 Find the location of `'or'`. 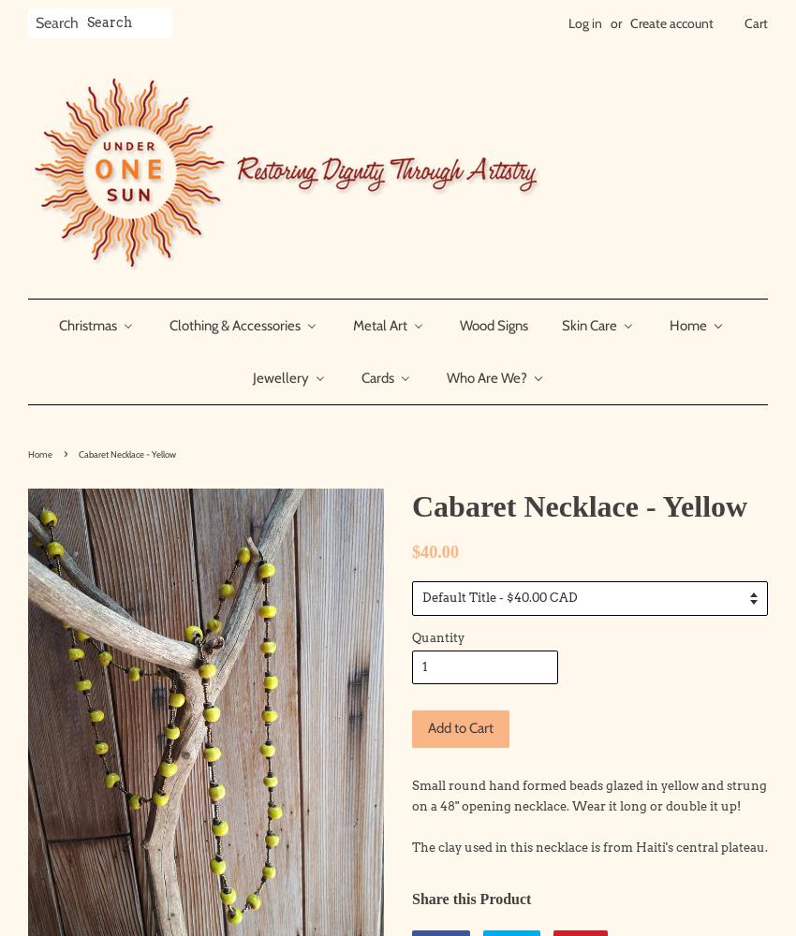

'or' is located at coordinates (615, 22).